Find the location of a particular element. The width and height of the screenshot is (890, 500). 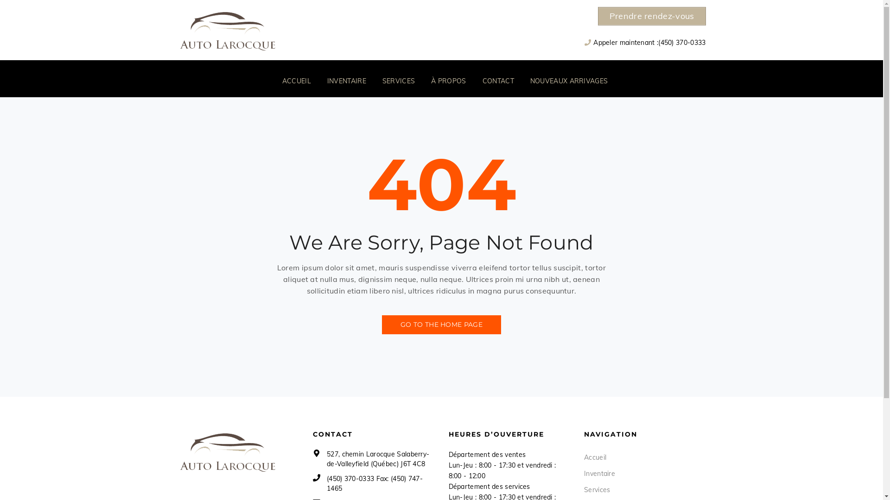

'ACCUEIL' is located at coordinates (275, 81).